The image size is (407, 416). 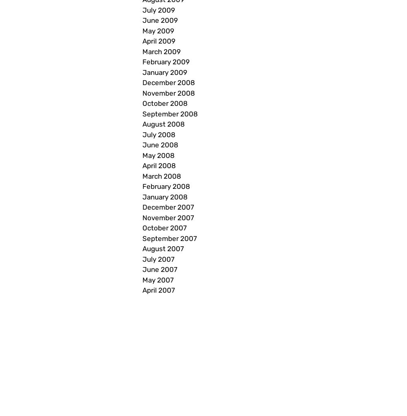 What do you see at coordinates (159, 290) in the screenshot?
I see `'April 2007'` at bounding box center [159, 290].